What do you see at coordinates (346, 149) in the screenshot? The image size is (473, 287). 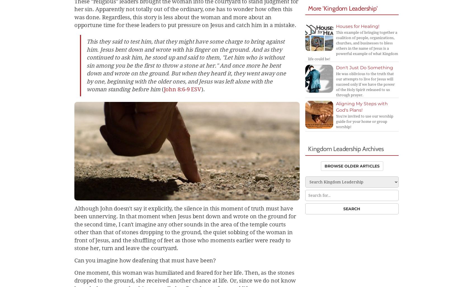 I see `'Kingdom Leadership Archives'` at bounding box center [346, 149].